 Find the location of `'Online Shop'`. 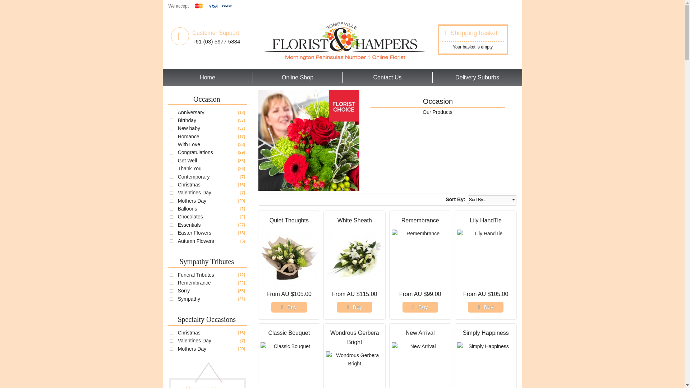

'Online Shop' is located at coordinates (298, 78).